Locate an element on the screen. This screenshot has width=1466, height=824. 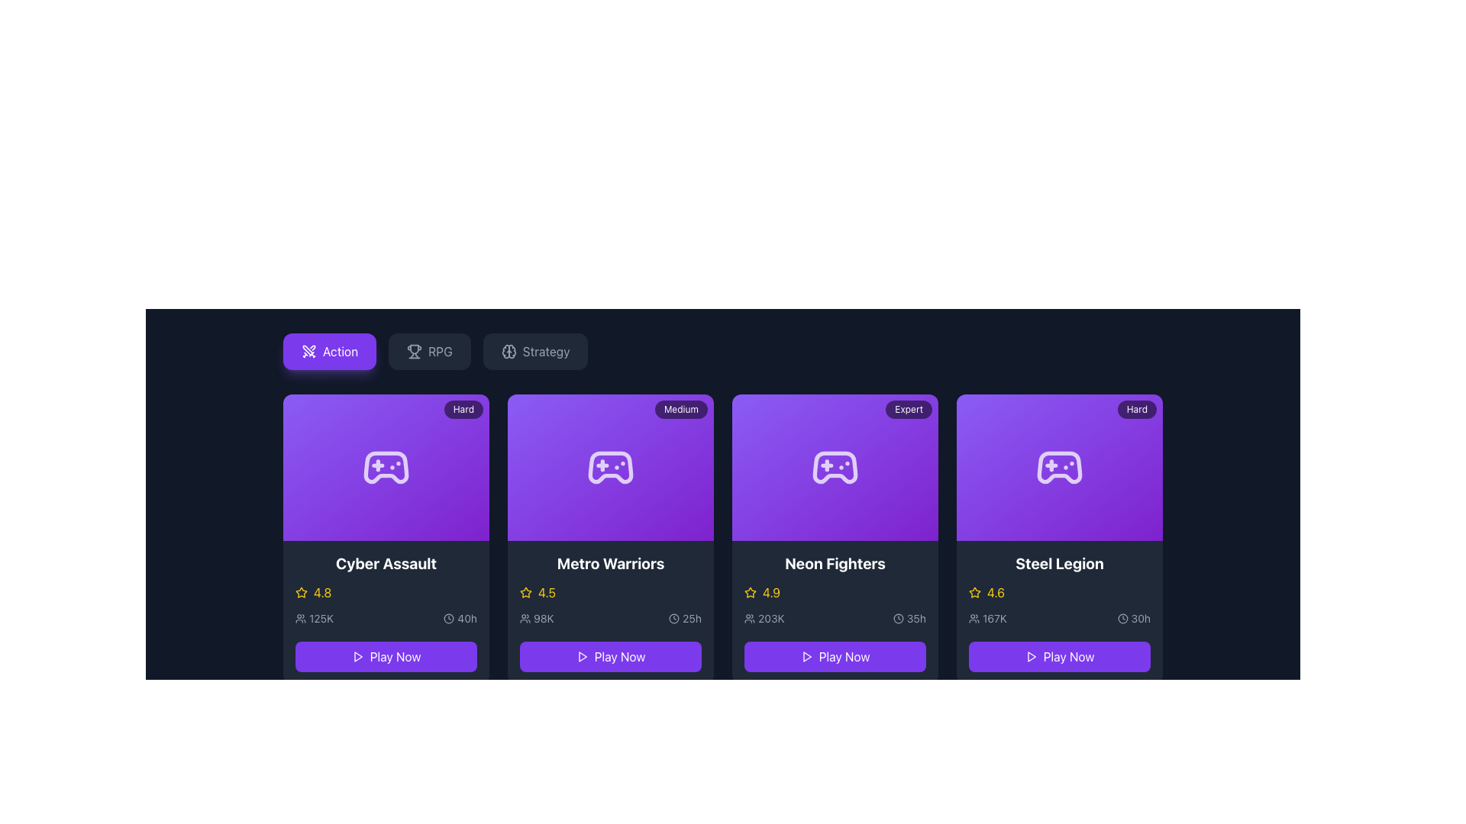
the text indicating user interactions or views associated with the 'Neon Fighters' card, located in the lower section next to metrics icons is located at coordinates (764, 618).